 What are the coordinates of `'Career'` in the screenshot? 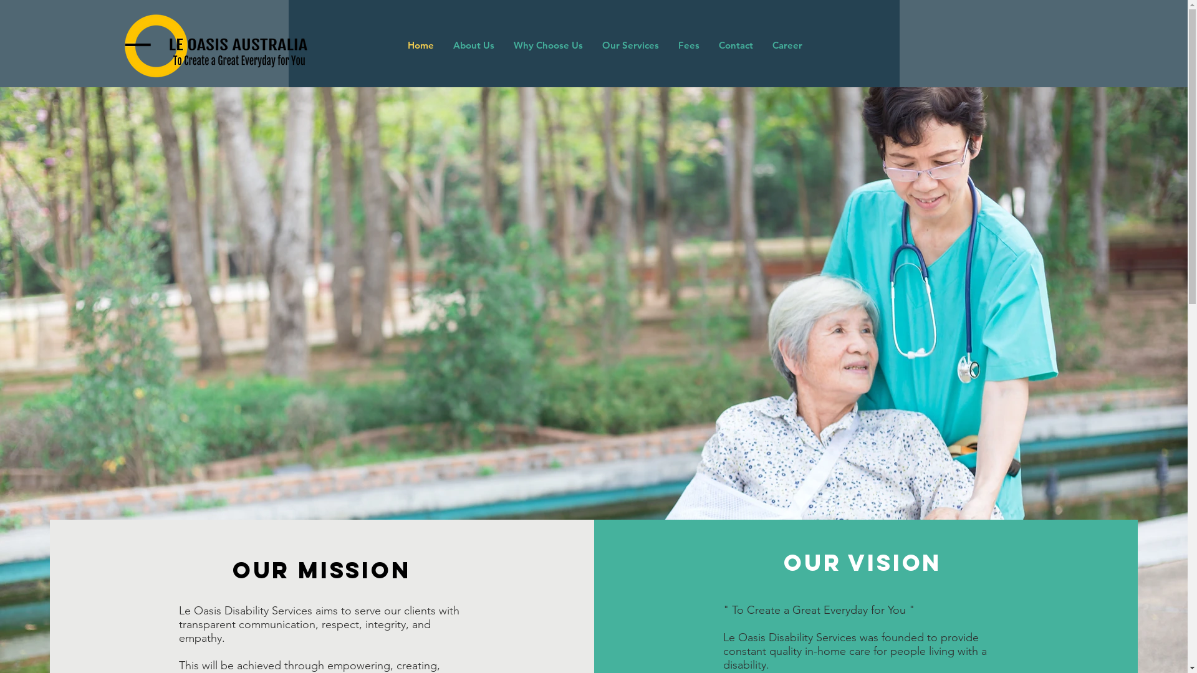 It's located at (786, 45).